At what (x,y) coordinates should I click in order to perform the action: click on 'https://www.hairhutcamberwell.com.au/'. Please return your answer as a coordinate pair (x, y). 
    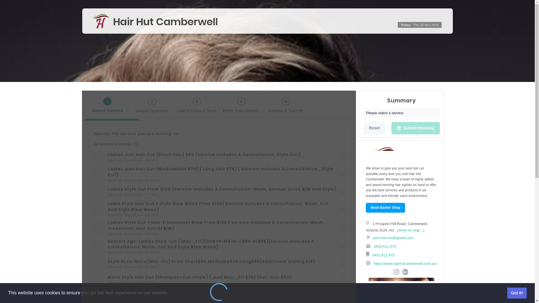
    Looking at the image, I should click on (373, 263).